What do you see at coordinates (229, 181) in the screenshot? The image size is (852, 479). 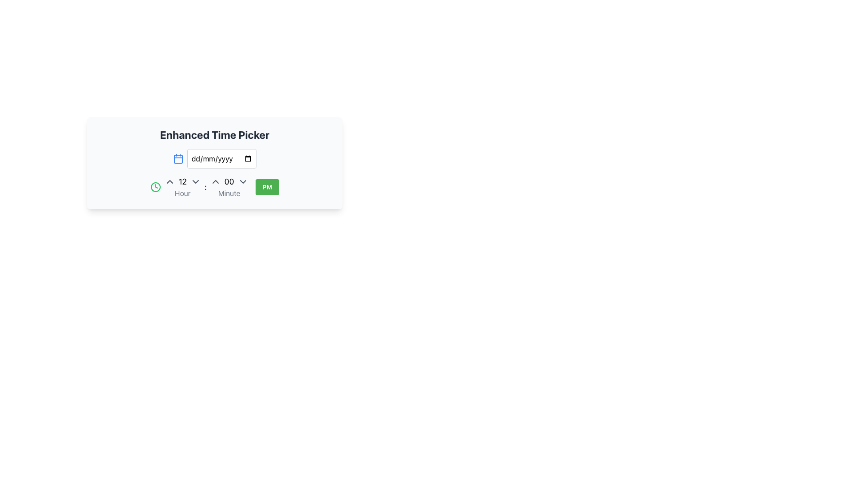 I see `the text display showing the value '00' in the minute selection control of the time picker interface` at bounding box center [229, 181].